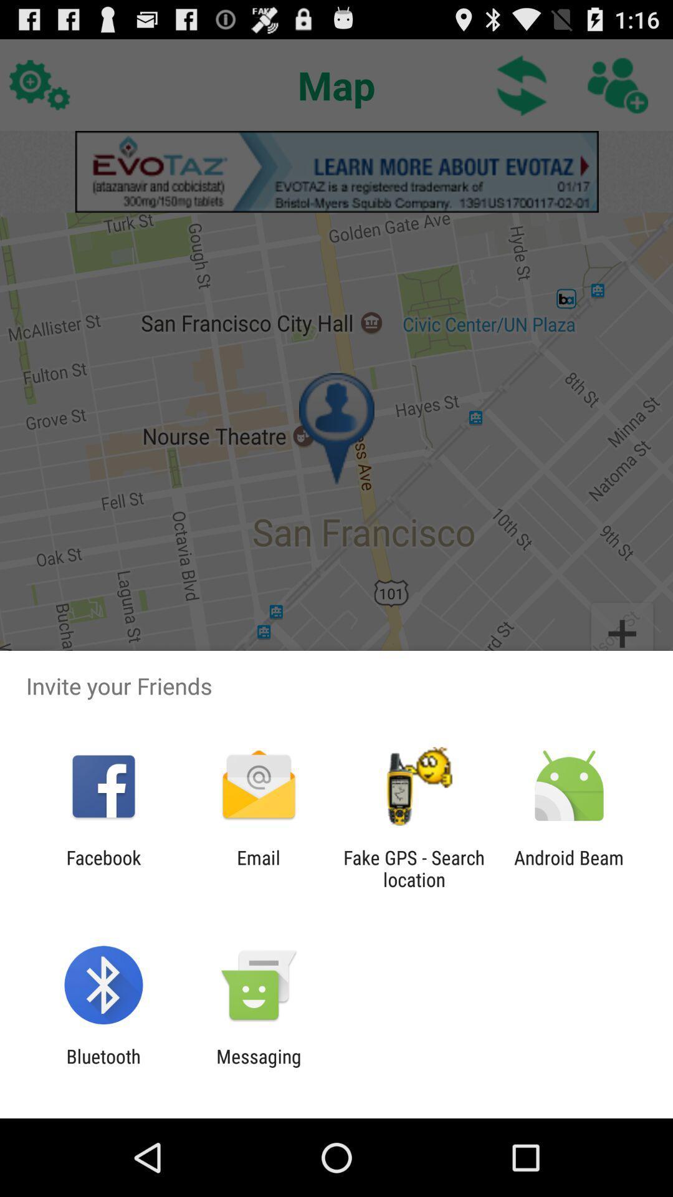  I want to click on the icon next to facebook icon, so click(258, 868).